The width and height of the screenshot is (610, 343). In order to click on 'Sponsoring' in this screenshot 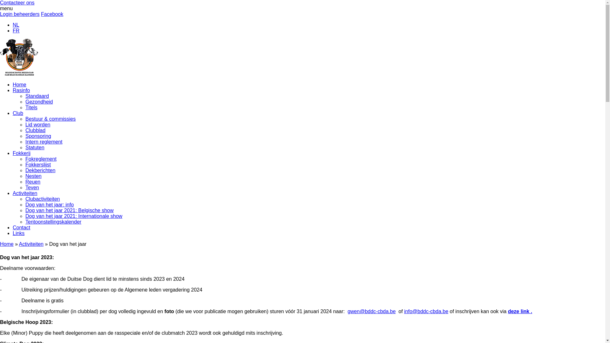, I will do `click(38, 136)`.